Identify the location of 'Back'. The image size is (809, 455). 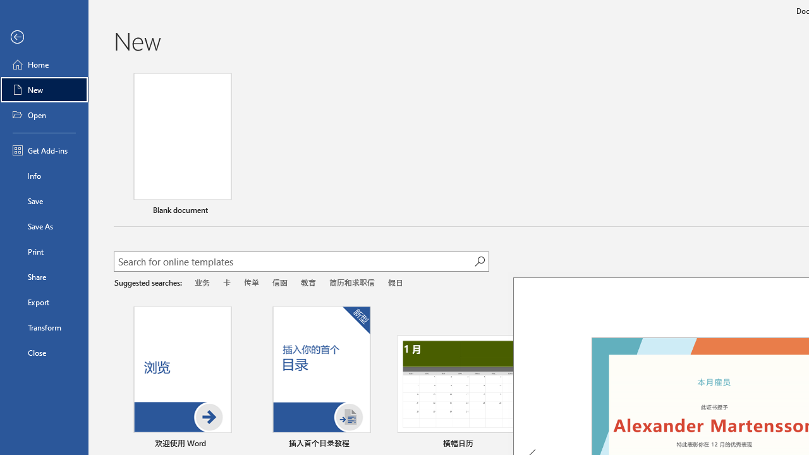
(44, 37).